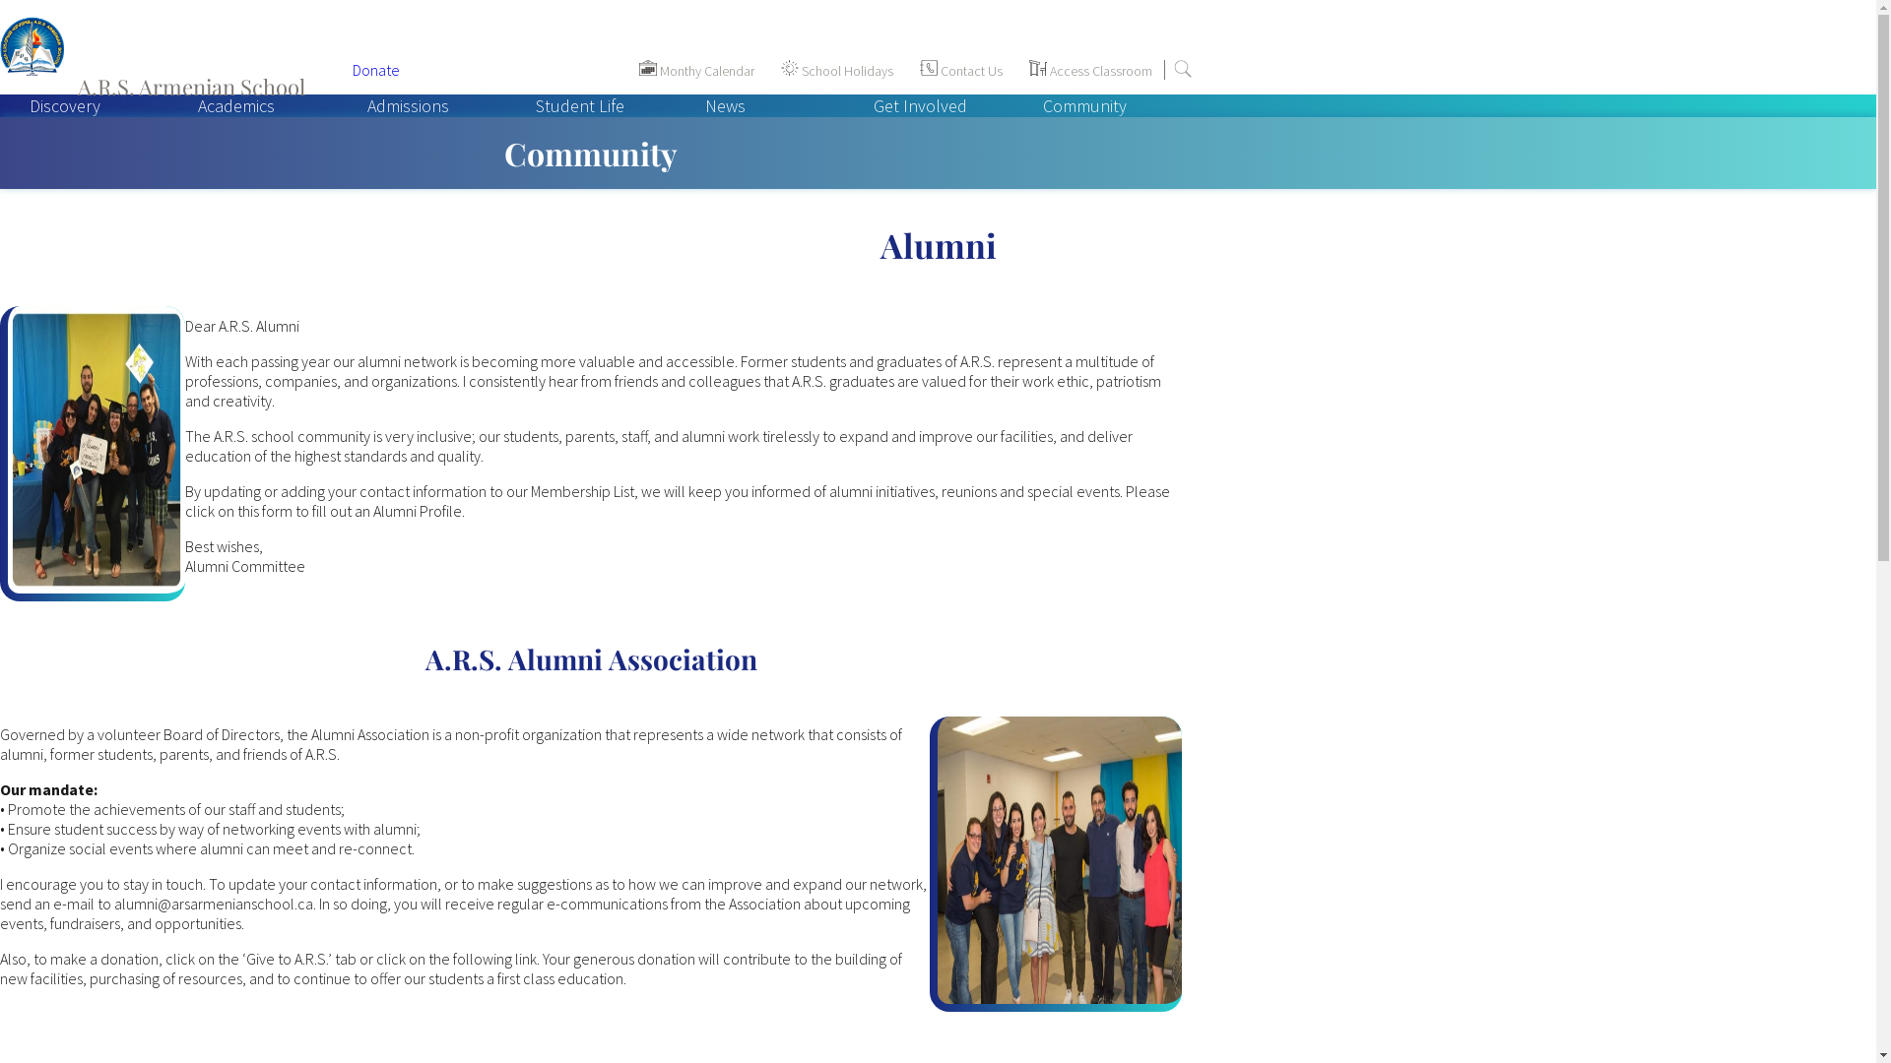 Image resolution: width=1891 pixels, height=1063 pixels. Describe the element at coordinates (626, 70) in the screenshot. I see `'Monthy Calendar'` at that location.